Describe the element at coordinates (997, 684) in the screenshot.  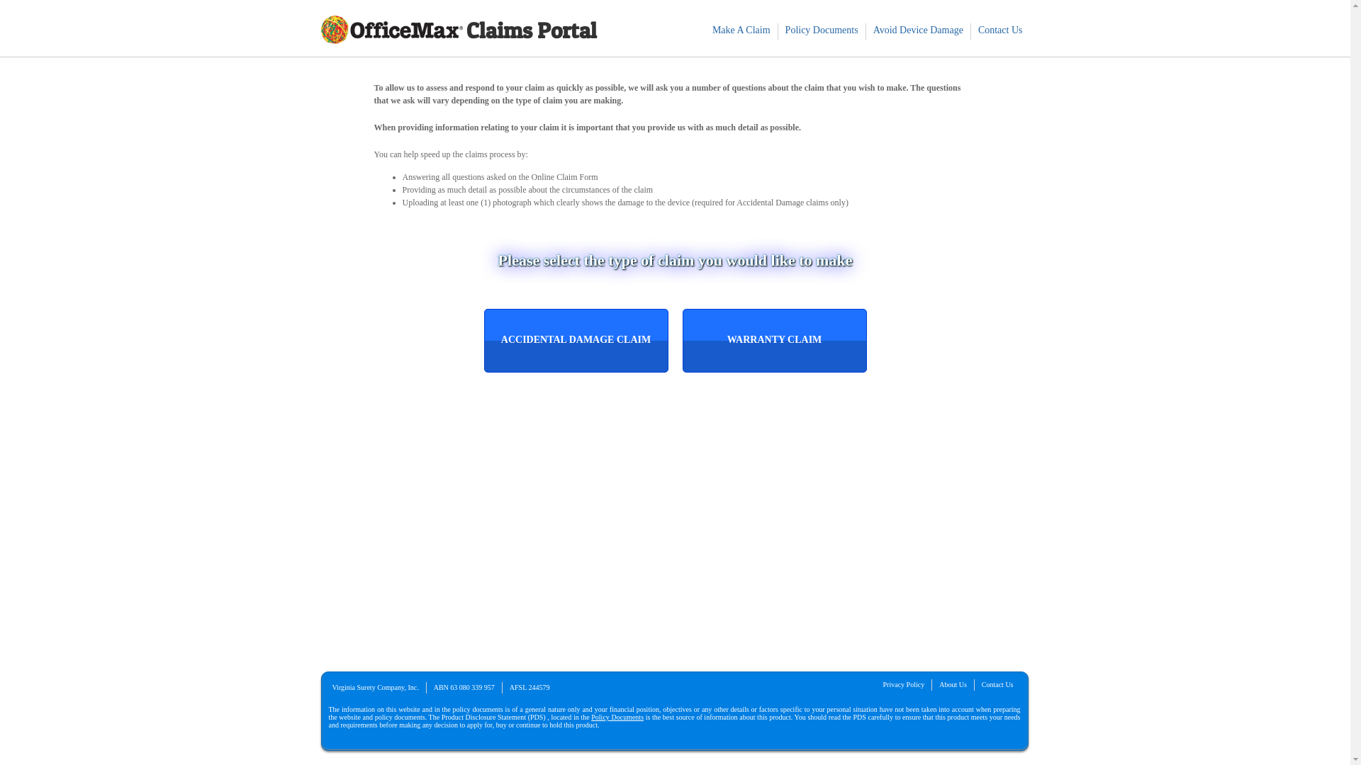
I see `'Contact Us'` at that location.